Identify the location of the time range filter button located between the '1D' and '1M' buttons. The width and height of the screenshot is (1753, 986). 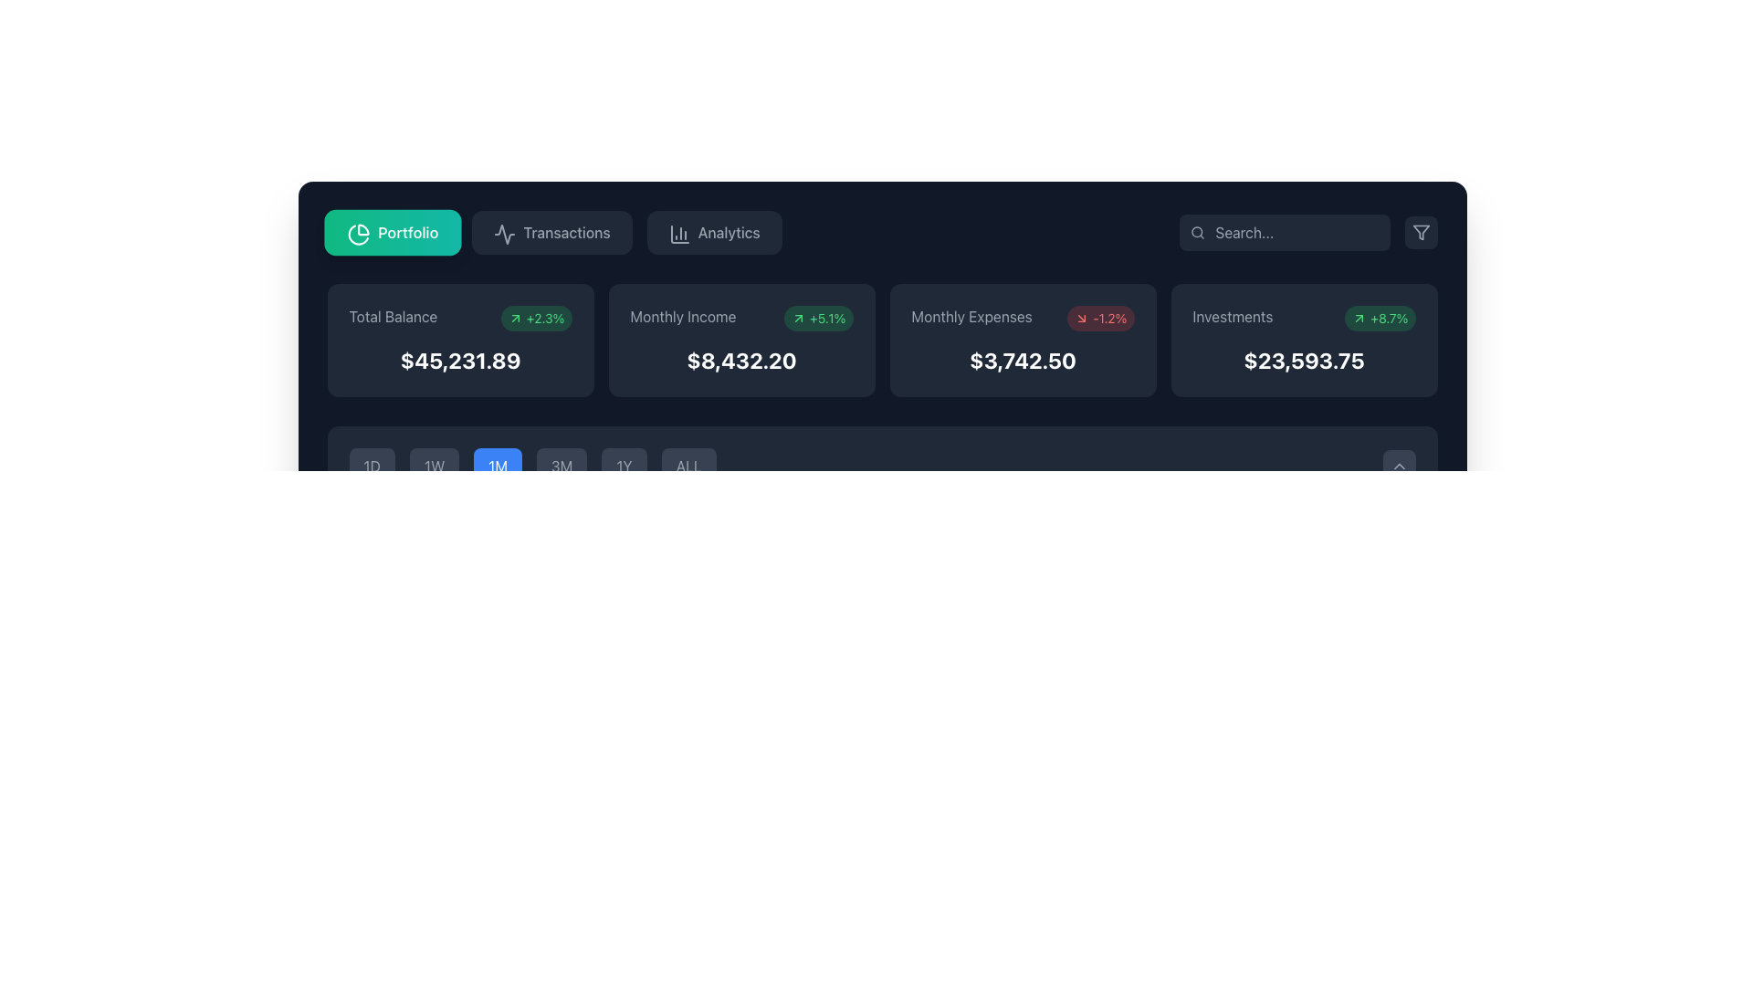
(433, 465).